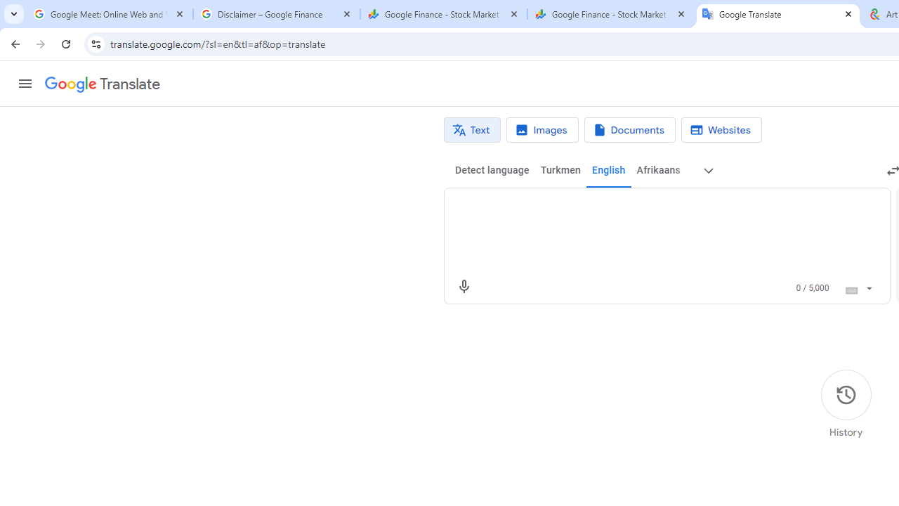 The image size is (899, 506). Describe the element at coordinates (492, 170) in the screenshot. I see `'Detect language'` at that location.